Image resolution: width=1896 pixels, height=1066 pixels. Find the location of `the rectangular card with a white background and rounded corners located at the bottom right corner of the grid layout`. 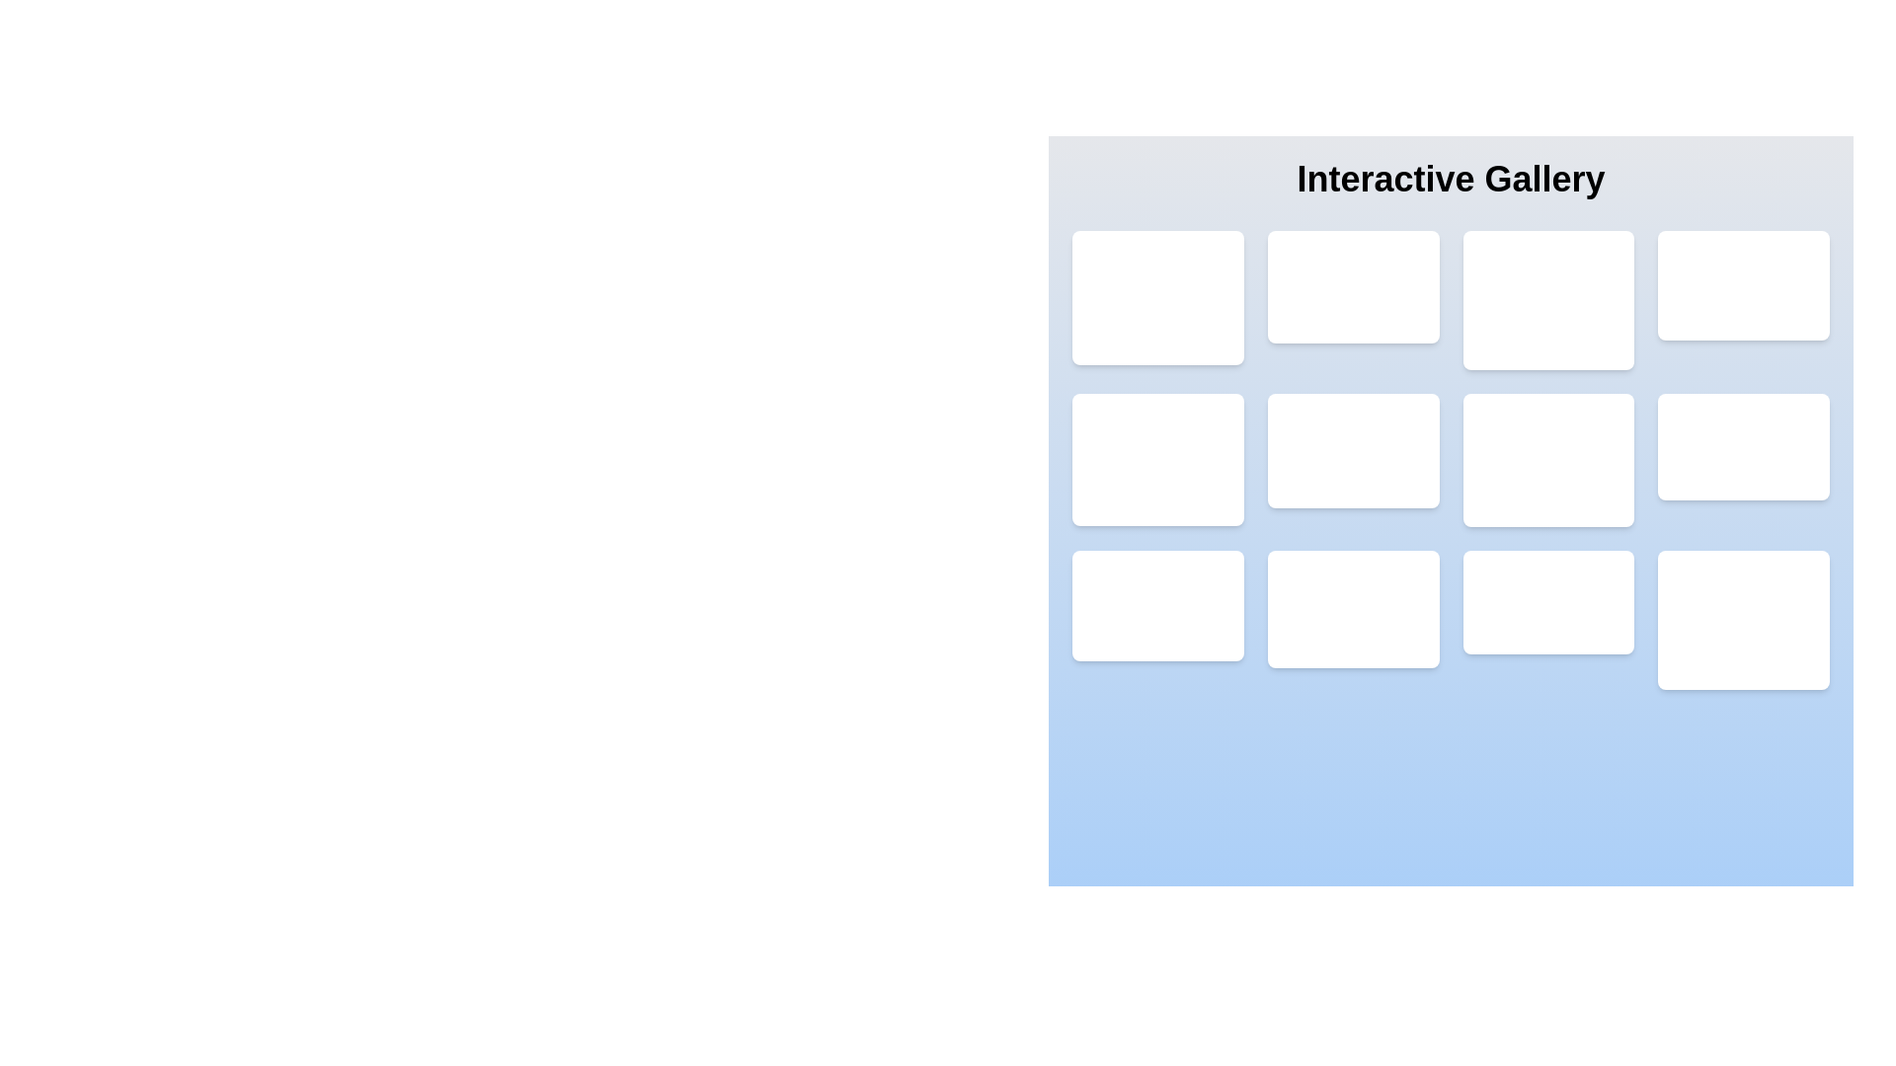

the rectangular card with a white background and rounded corners located at the bottom right corner of the grid layout is located at coordinates (1744, 619).